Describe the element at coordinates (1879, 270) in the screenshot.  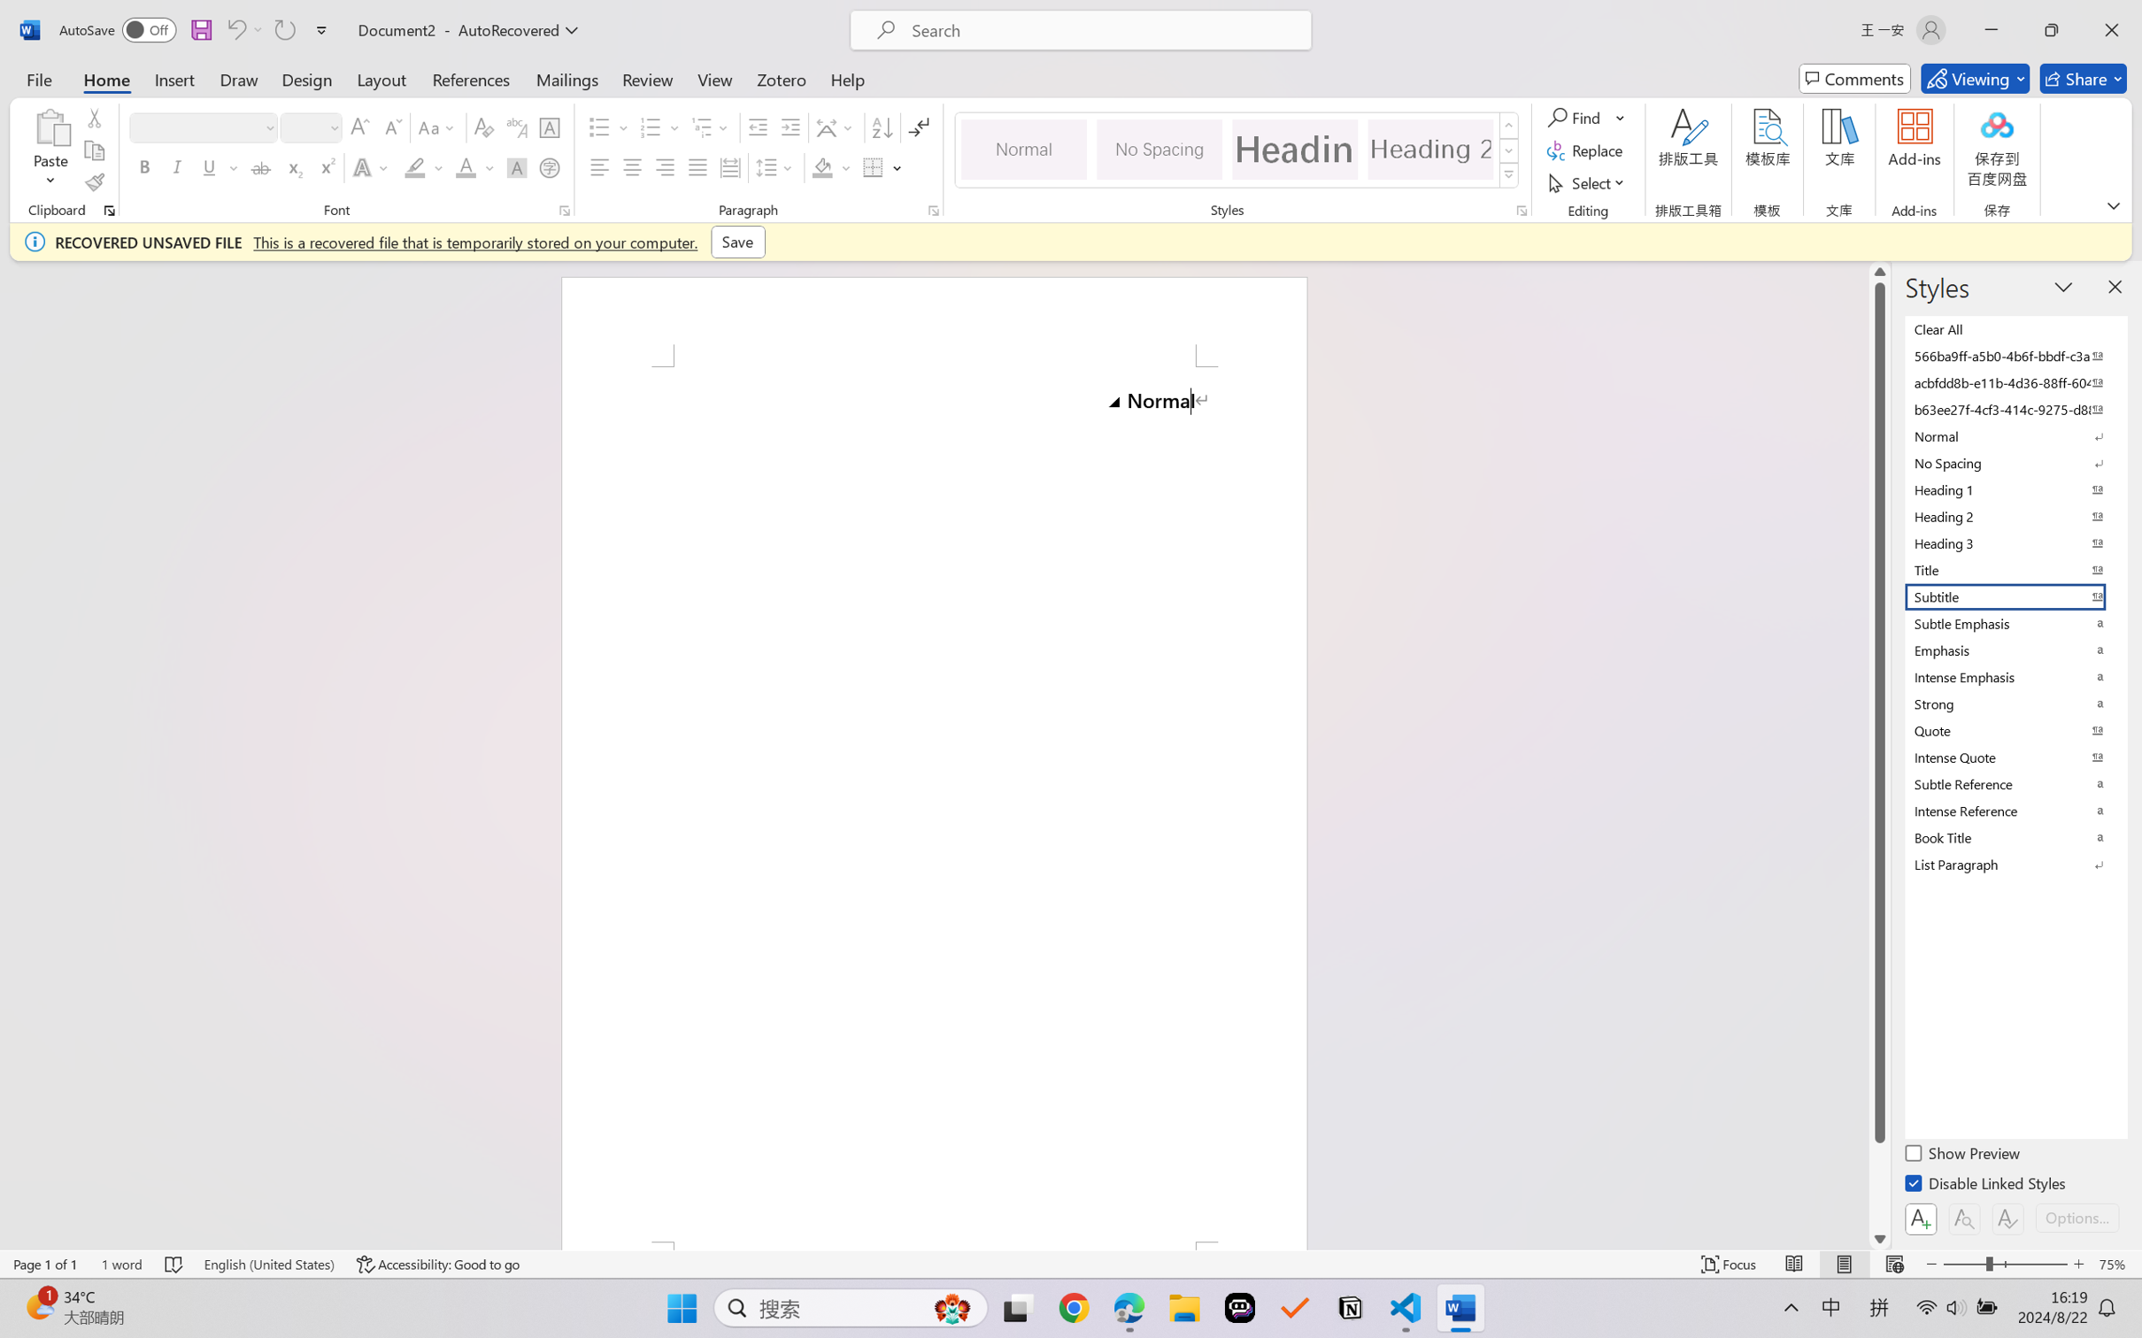
I see `'Line up'` at that location.